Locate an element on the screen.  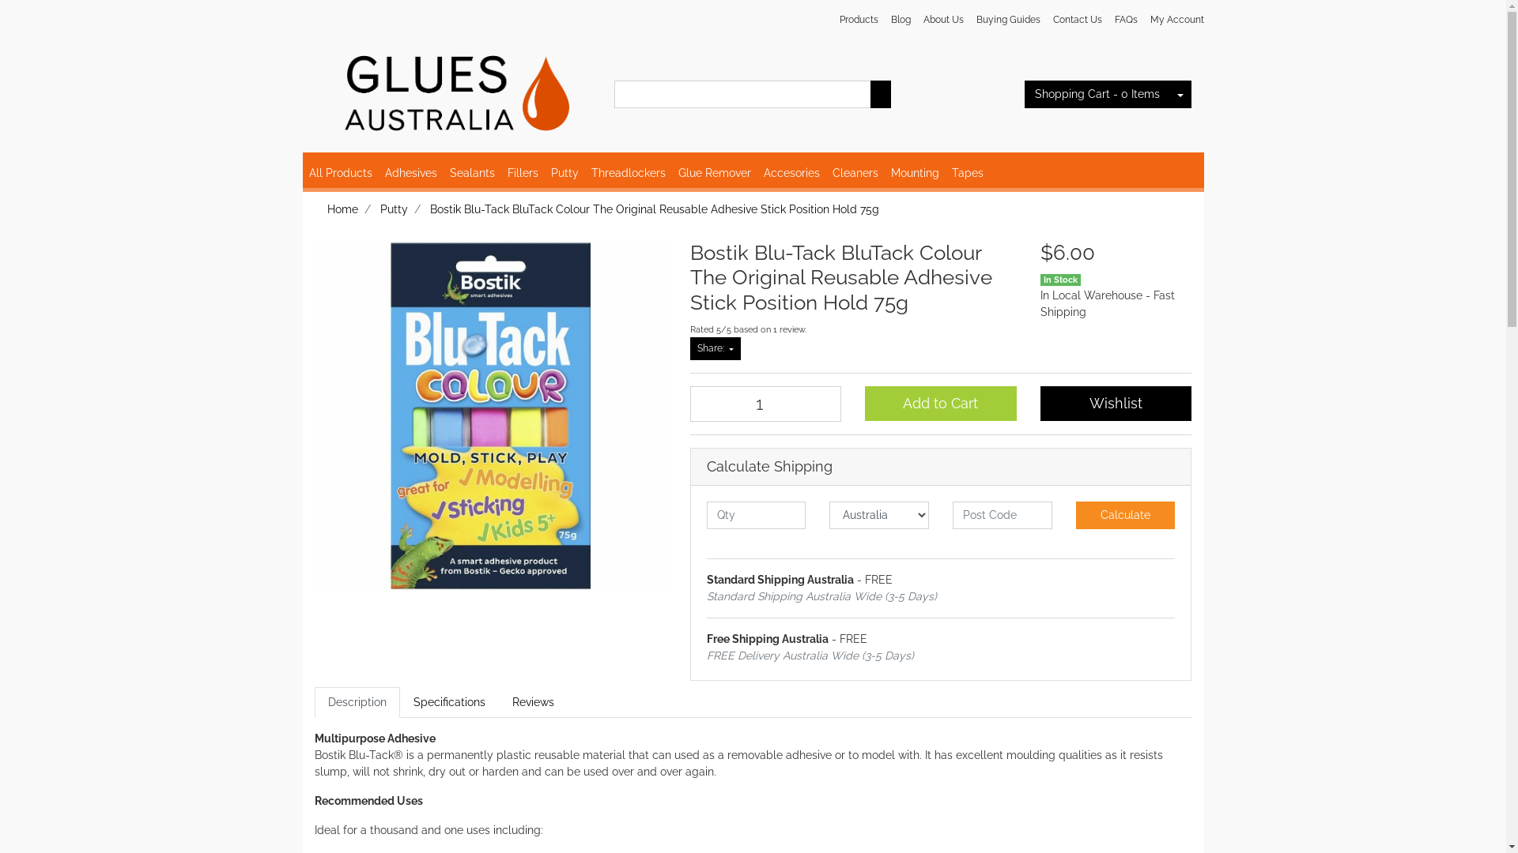
'Description' is located at coordinates (356, 701).